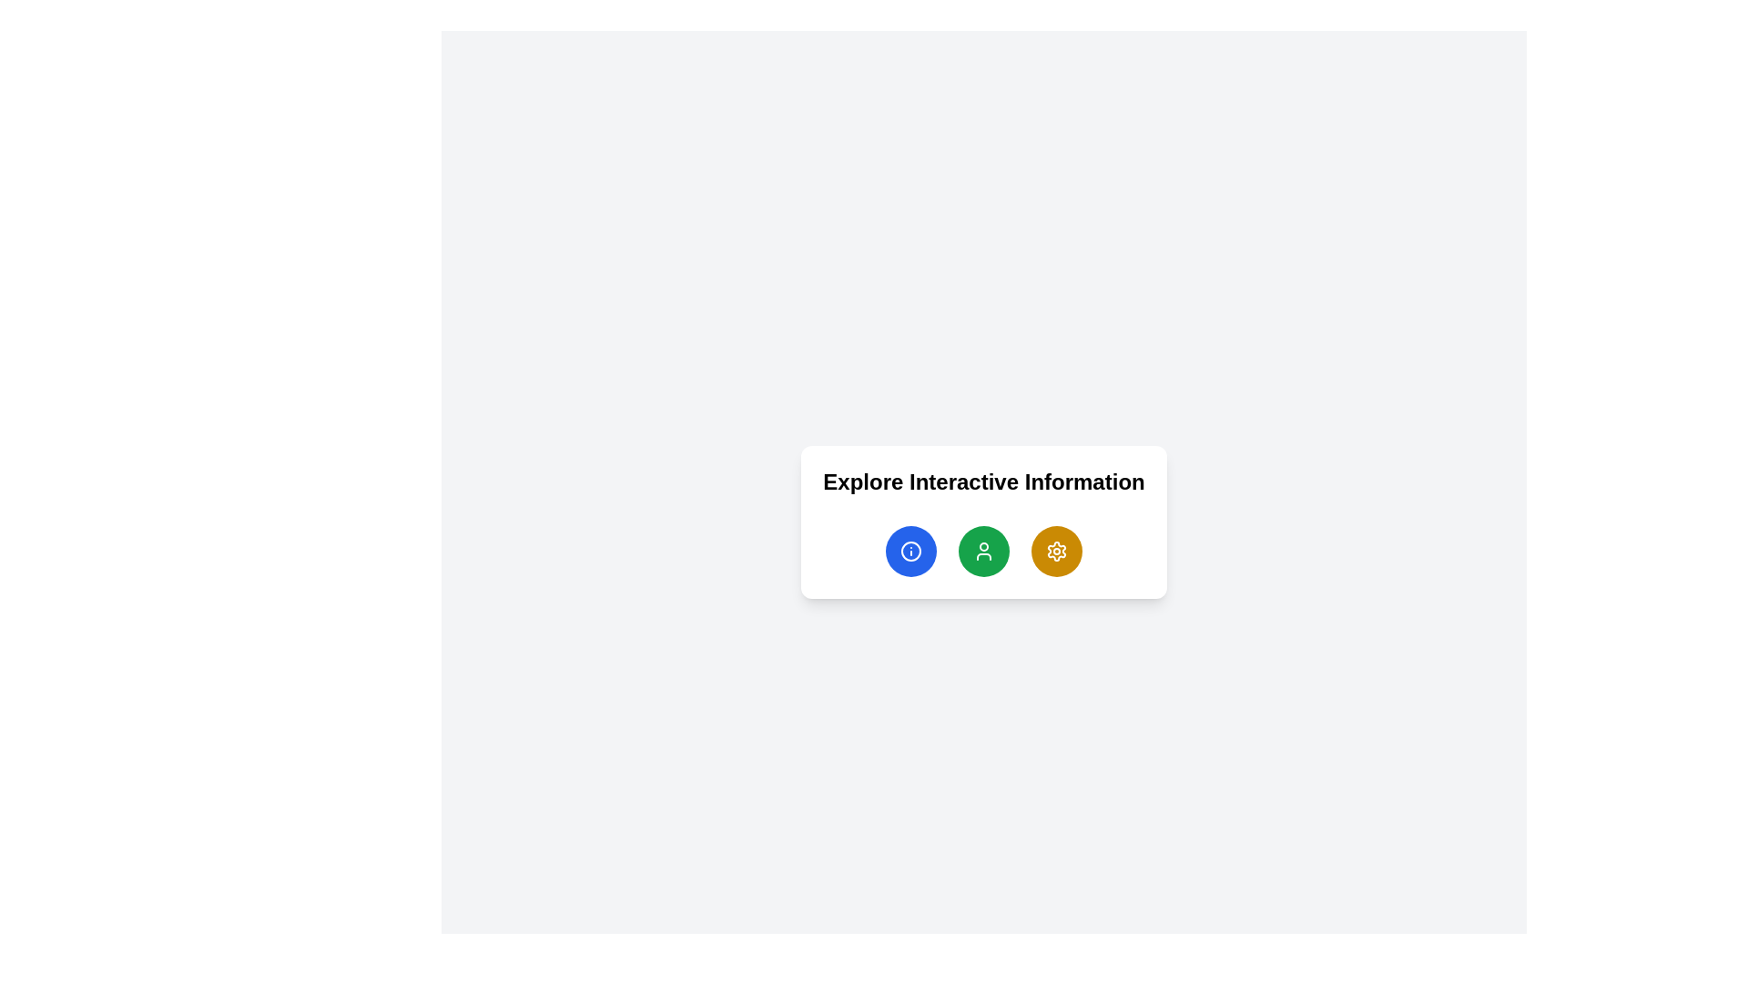 The height and width of the screenshot is (983, 1748). Describe the element at coordinates (910, 550) in the screenshot. I see `the left-most circular icon with a blue border and white background, which contains an 'i' symbol, located below the 'Explore Interactive Information' text` at that location.